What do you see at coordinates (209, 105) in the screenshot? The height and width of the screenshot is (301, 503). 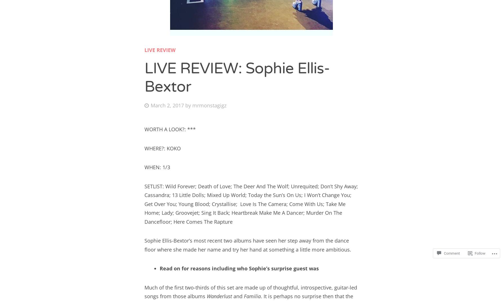 I see `'mrmonstagigz'` at bounding box center [209, 105].